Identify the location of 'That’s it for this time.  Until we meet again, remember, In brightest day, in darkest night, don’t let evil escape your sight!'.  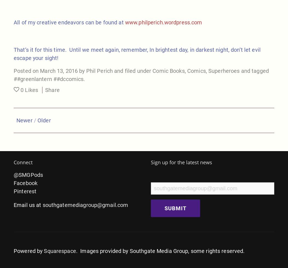
(137, 53).